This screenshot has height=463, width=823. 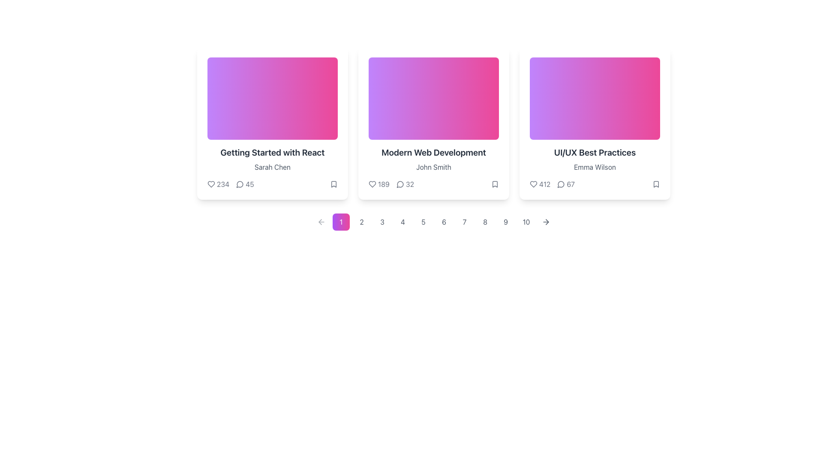 What do you see at coordinates (382, 221) in the screenshot?
I see `the small circular button with a gray border and a white background, featuring the number '3' in gray` at bounding box center [382, 221].